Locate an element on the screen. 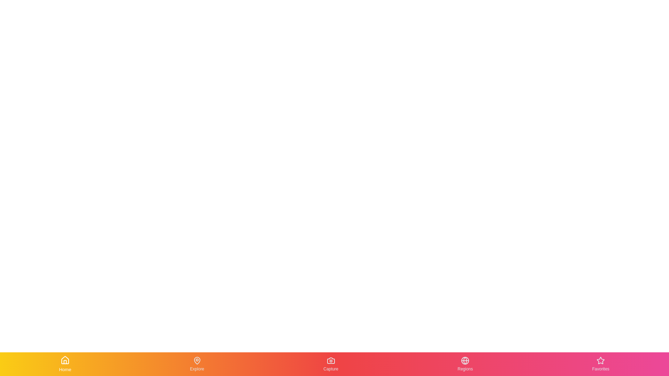 The width and height of the screenshot is (669, 376). the tab labeled Favorites to preview its tooltip is located at coordinates (600, 363).